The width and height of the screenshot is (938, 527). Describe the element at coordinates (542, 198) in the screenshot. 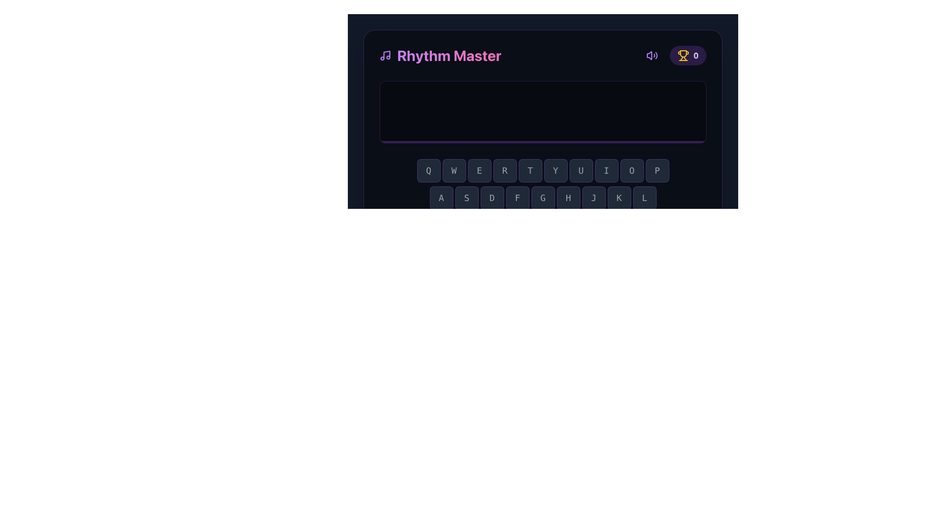

I see `the key labeled 'G', which is a rectangular button with rounded corners, gray background and light gray text, to input the letter 'G'` at that location.